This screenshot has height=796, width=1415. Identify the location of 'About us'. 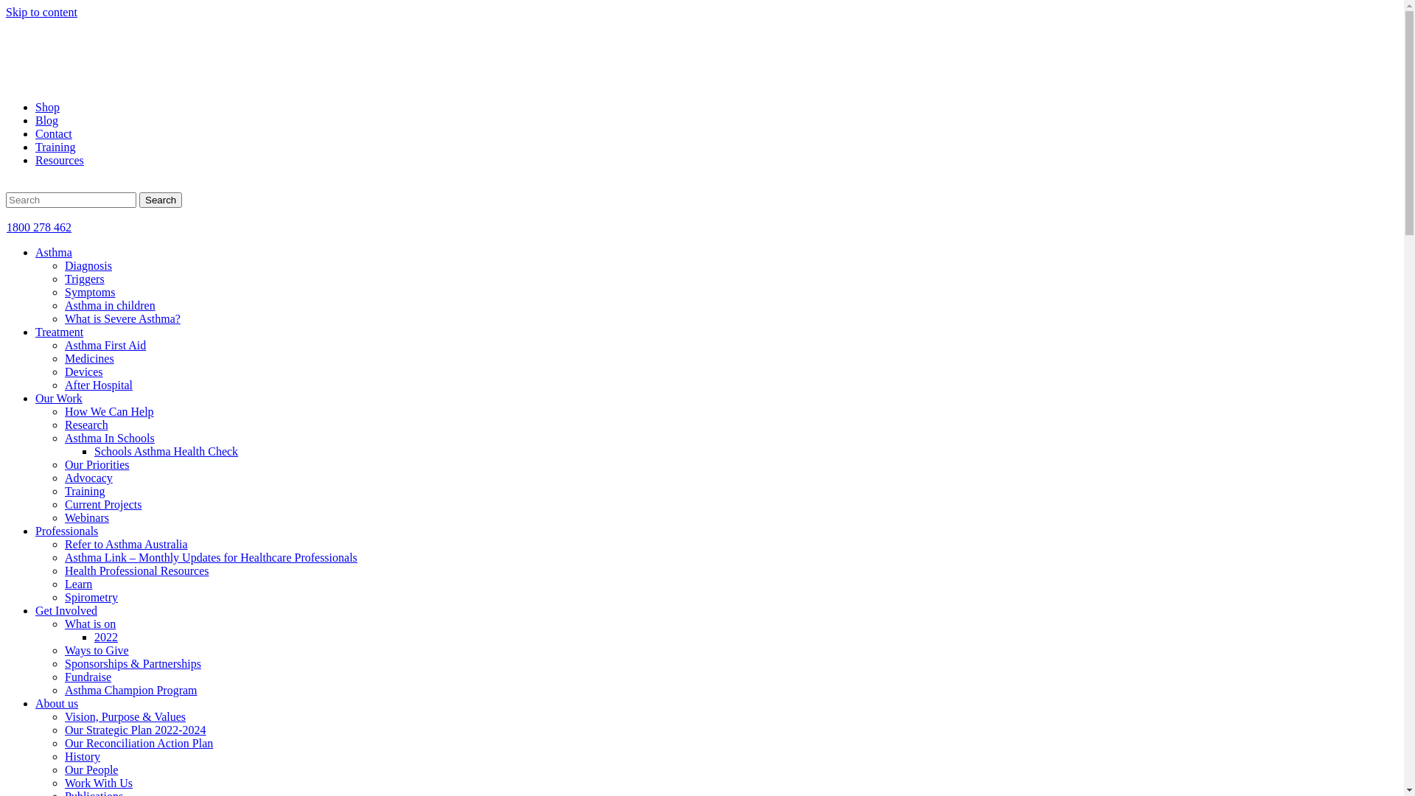
(56, 702).